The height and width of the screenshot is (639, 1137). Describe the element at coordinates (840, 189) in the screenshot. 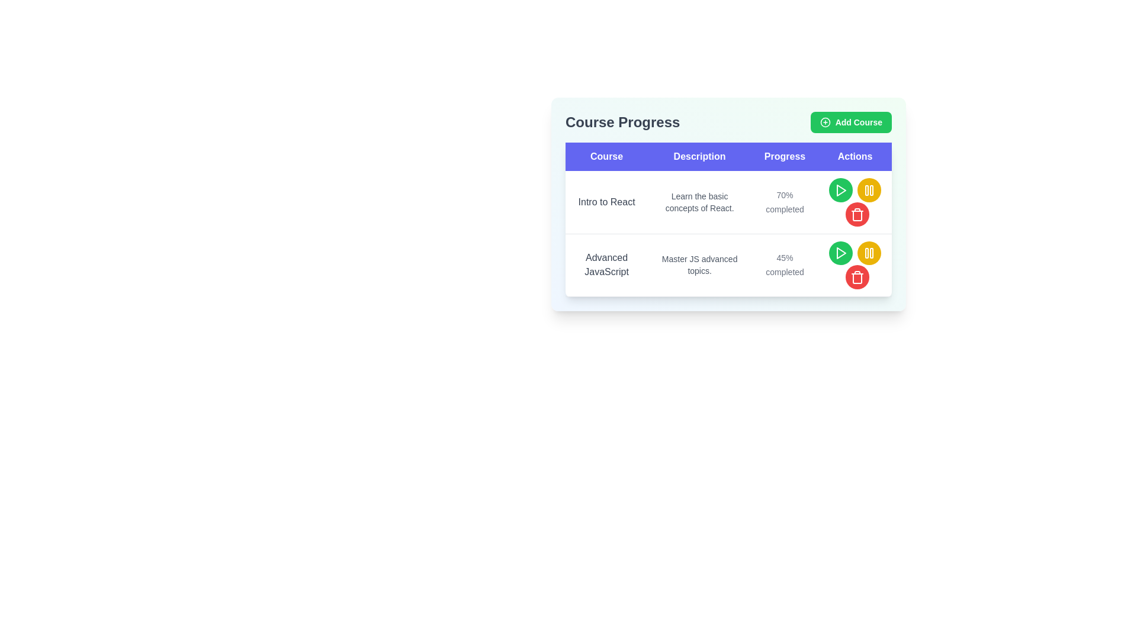

I see `the play button in the 'Actions' column for the 'Intro to React' course` at that location.